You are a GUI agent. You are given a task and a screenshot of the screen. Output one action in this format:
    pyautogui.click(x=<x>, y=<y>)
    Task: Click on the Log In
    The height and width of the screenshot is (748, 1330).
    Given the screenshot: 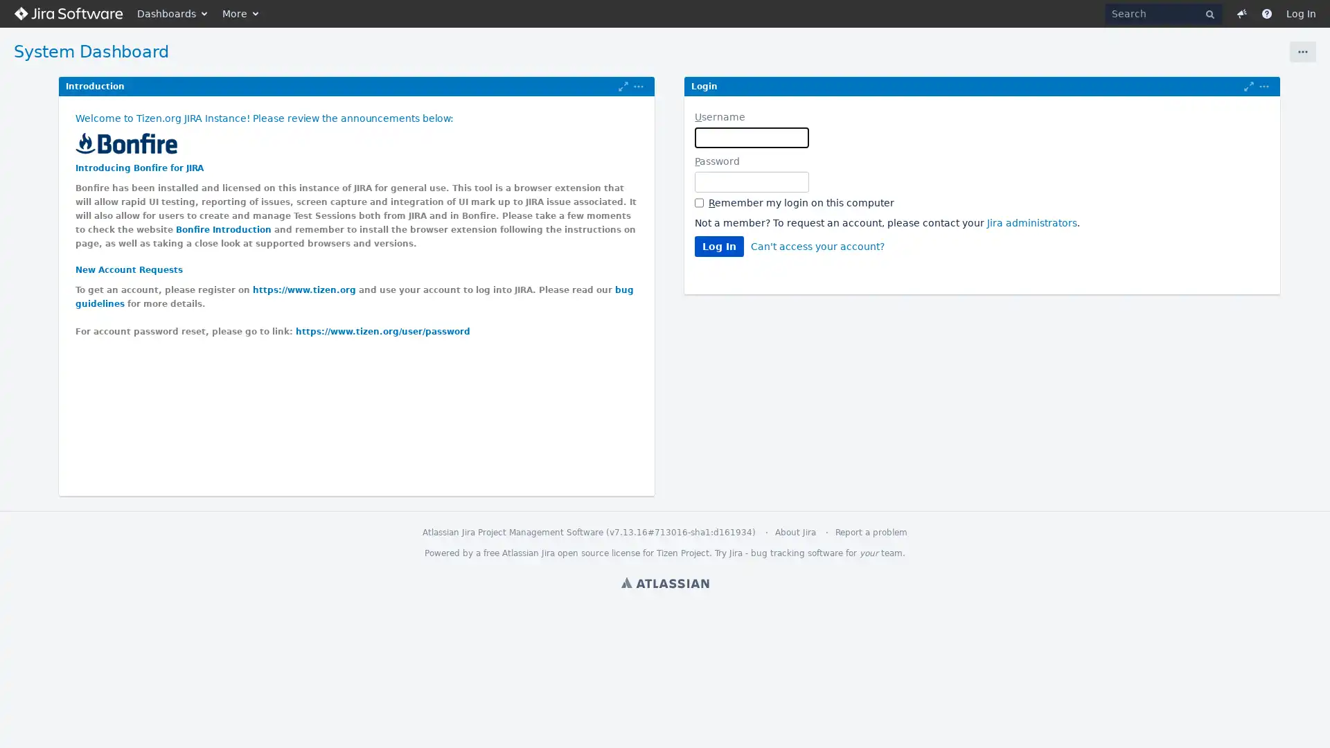 What is the action you would take?
    pyautogui.click(x=719, y=245)
    